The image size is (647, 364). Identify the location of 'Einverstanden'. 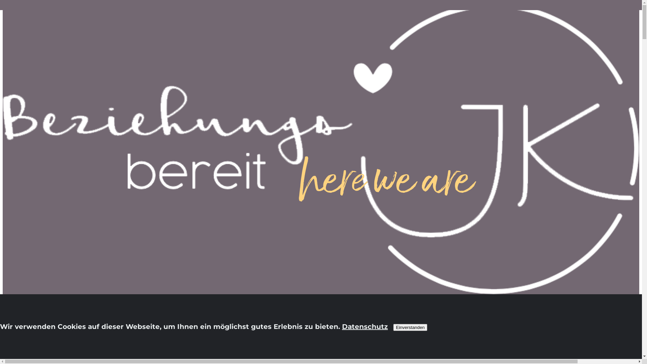
(410, 327).